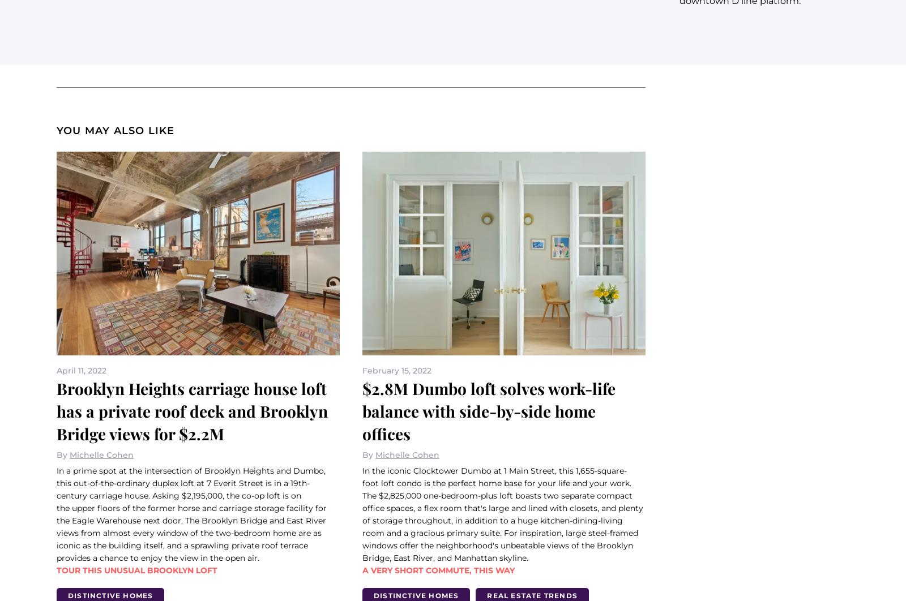 Image resolution: width=906 pixels, height=601 pixels. I want to click on 'You May Also Like', so click(116, 130).